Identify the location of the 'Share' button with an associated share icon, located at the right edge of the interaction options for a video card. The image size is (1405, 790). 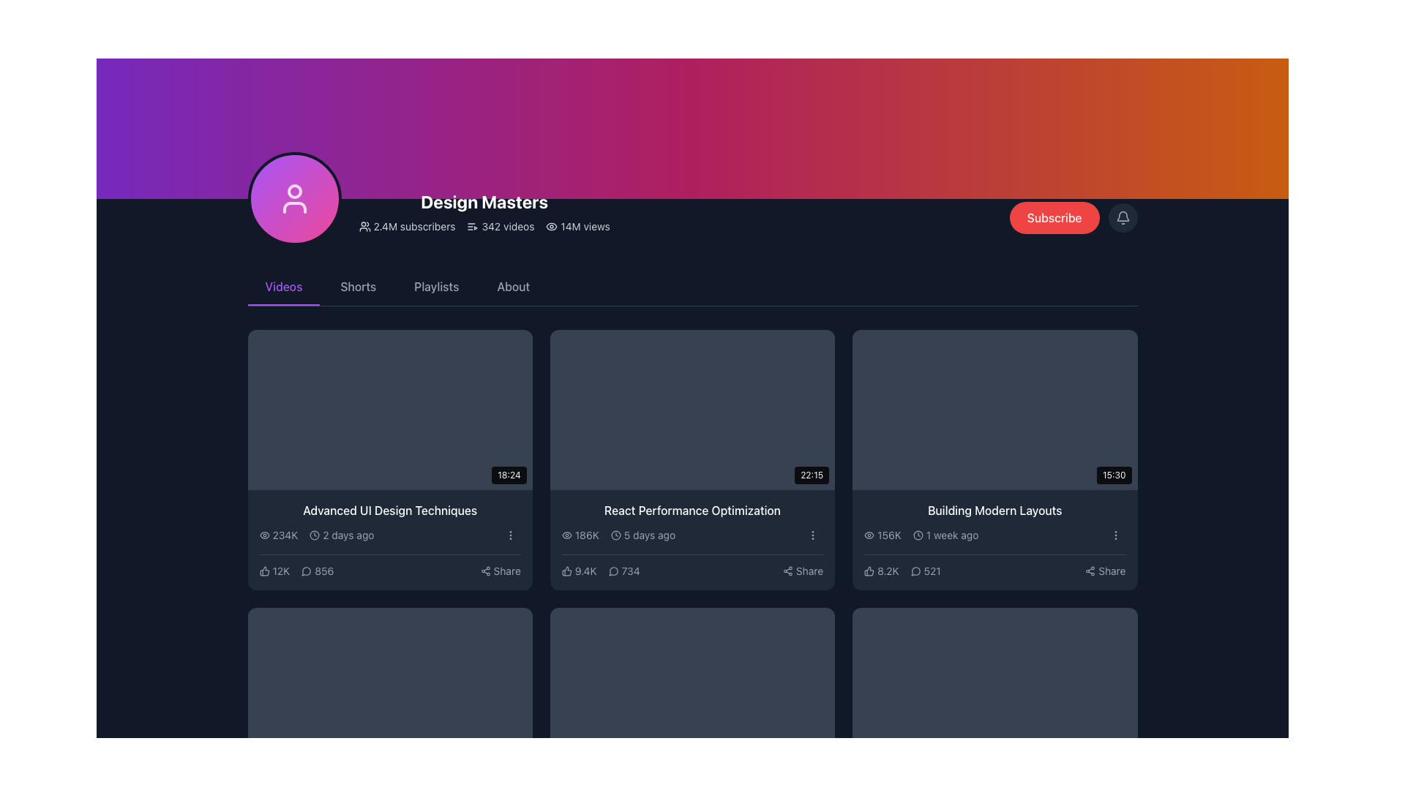
(501, 570).